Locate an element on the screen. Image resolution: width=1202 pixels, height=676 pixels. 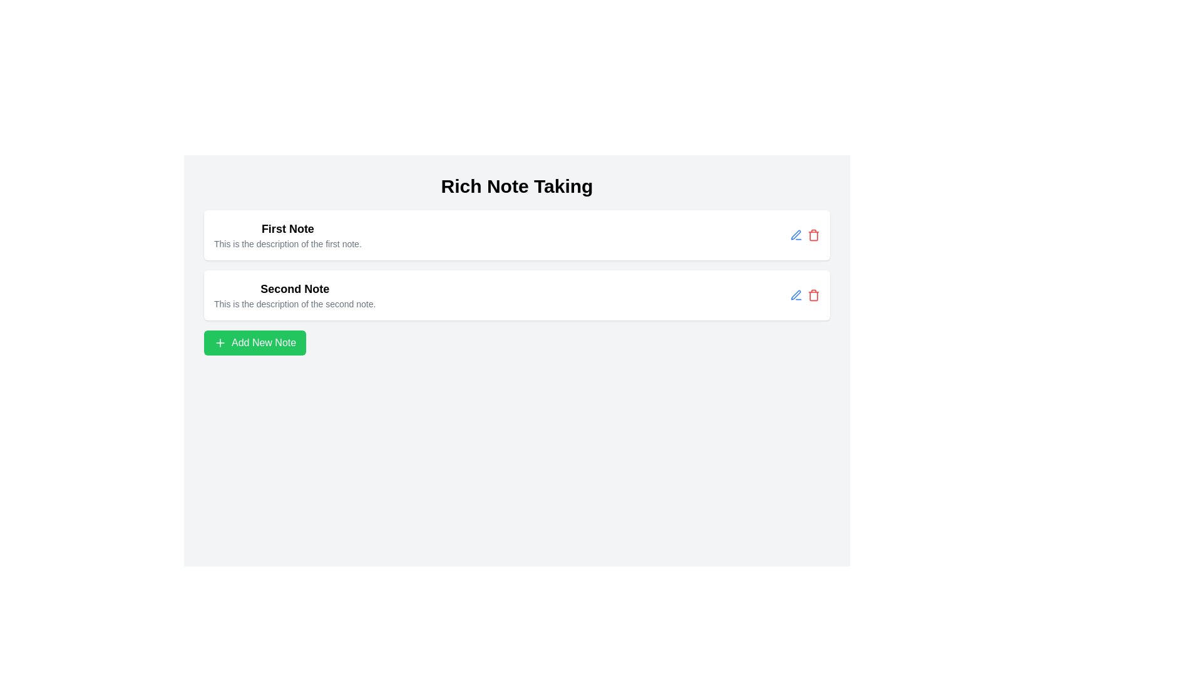
the delete button located at the top-right of the first note's card interface, adjacent to the blue pencil icon is located at coordinates (814, 235).